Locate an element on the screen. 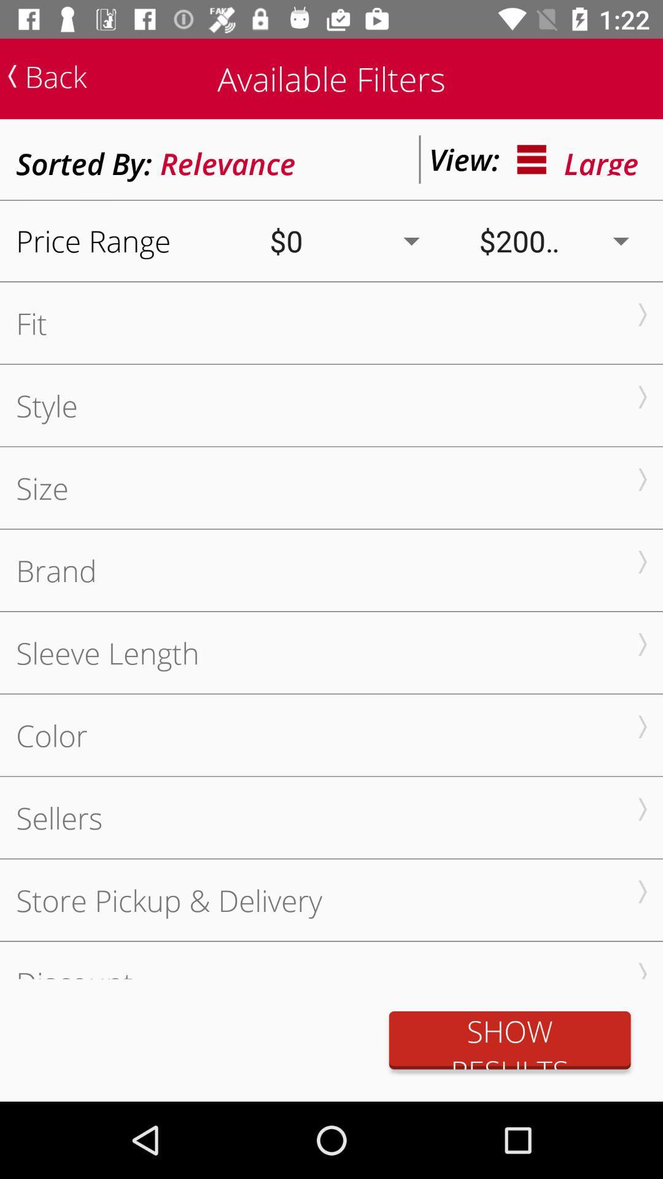 Image resolution: width=663 pixels, height=1179 pixels. relevance is located at coordinates (228, 158).